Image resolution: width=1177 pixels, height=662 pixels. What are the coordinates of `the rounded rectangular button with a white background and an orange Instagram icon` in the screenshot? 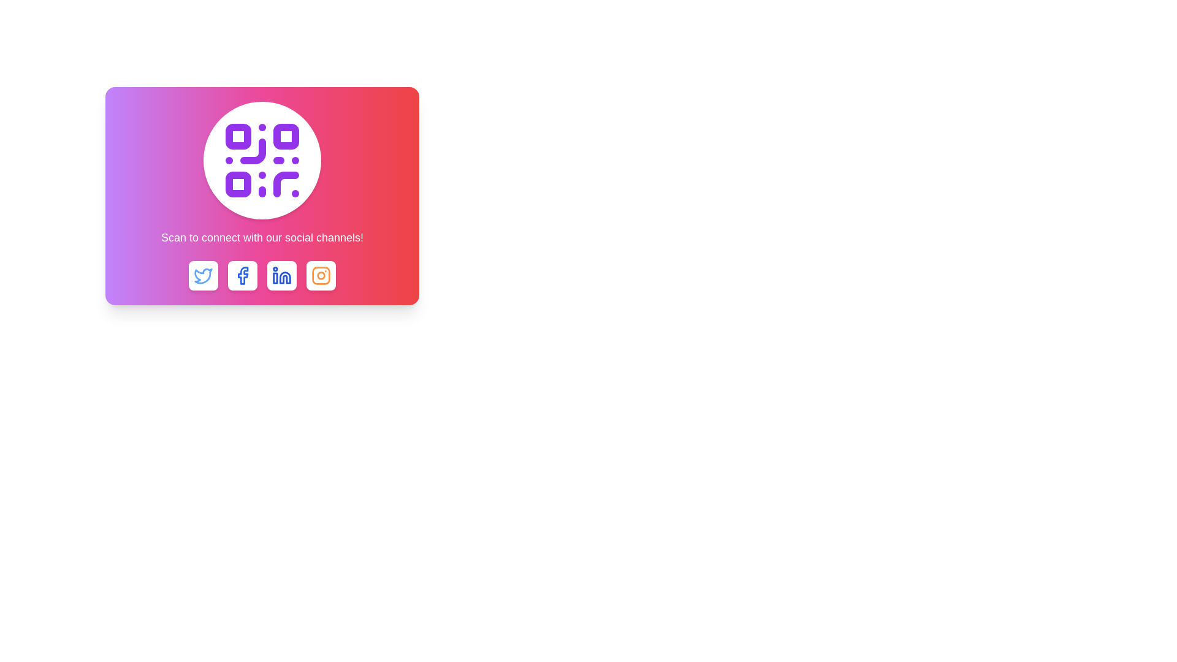 It's located at (321, 276).